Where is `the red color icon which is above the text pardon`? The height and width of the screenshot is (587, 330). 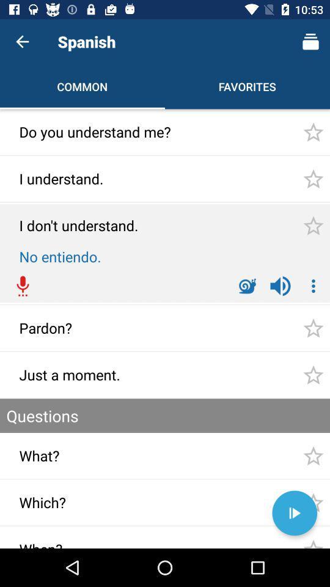
the red color icon which is above the text pardon is located at coordinates (23, 286).